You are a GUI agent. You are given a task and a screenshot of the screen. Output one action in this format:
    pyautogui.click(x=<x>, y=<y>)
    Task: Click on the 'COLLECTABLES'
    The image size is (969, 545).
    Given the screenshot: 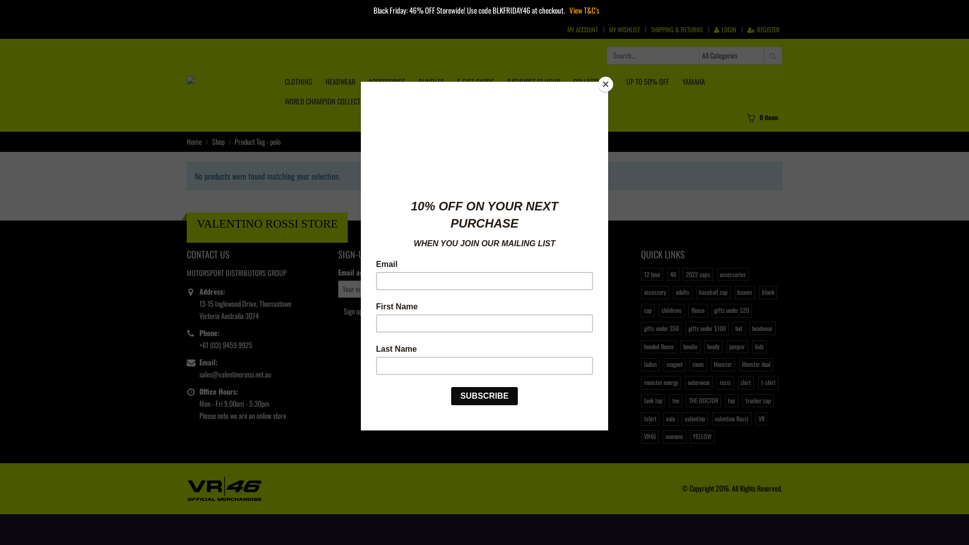 What is the action you would take?
    pyautogui.click(x=593, y=81)
    